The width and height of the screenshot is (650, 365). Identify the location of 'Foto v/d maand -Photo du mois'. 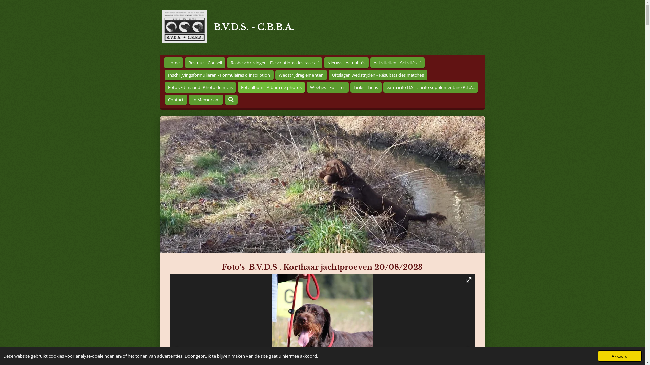
(164, 87).